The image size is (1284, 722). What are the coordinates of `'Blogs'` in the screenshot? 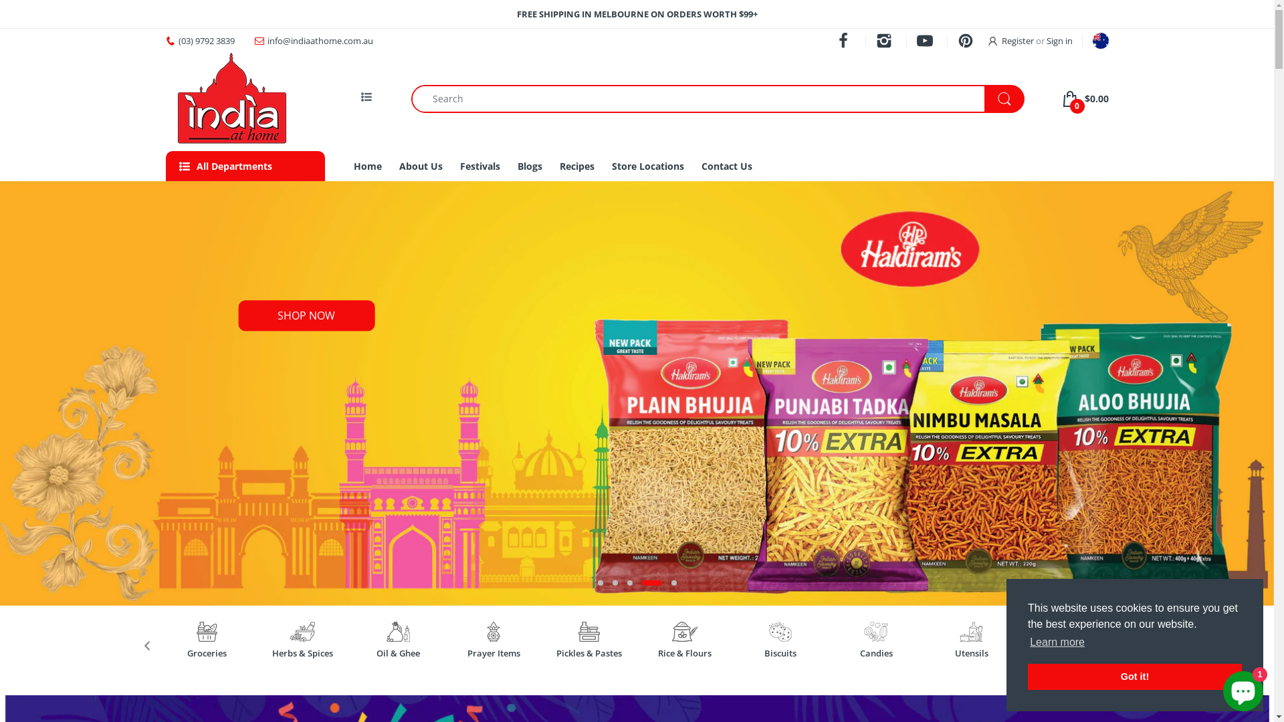 It's located at (529, 165).